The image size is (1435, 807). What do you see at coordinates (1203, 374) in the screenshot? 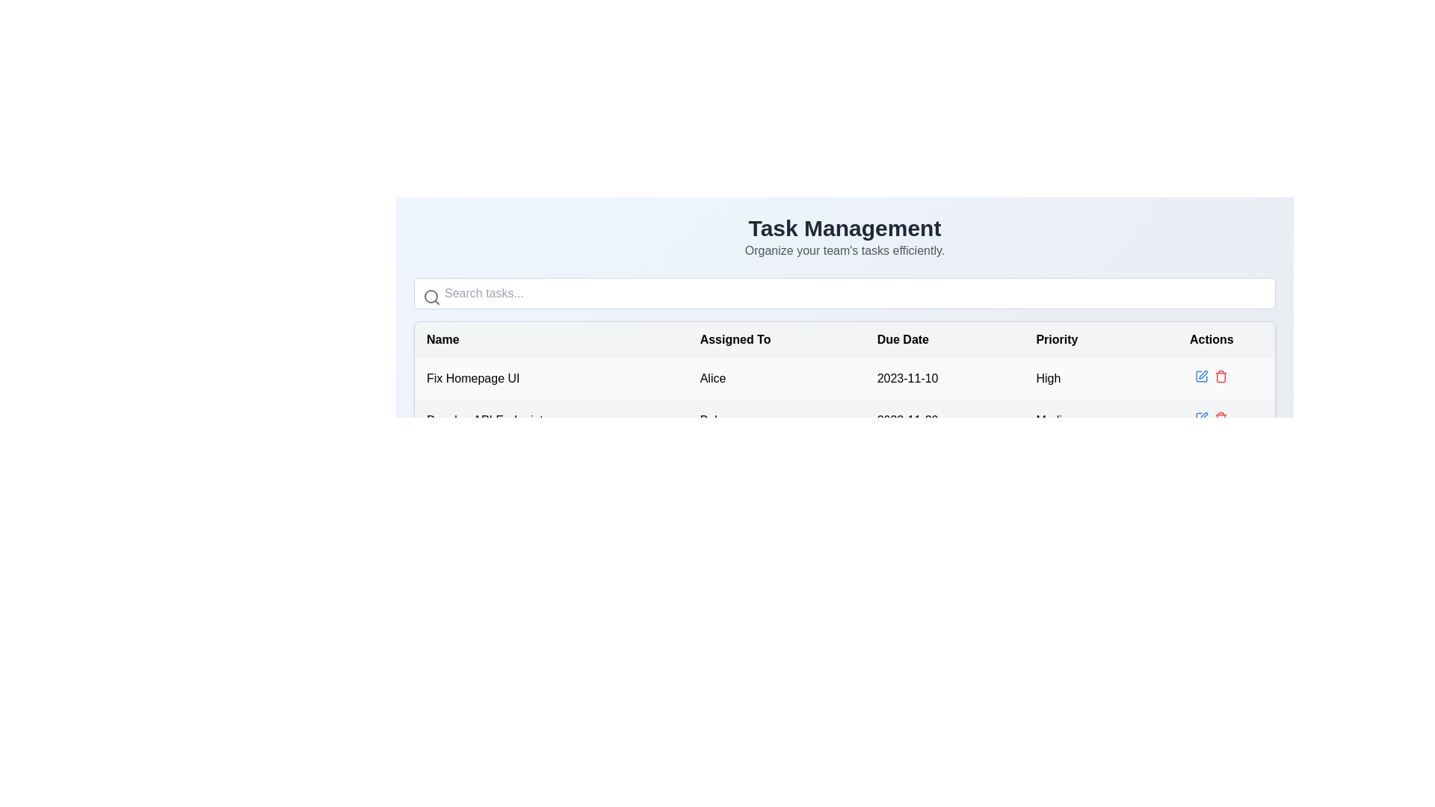
I see `the pen icon located in the rightmost column under the 'Actions' header` at bounding box center [1203, 374].